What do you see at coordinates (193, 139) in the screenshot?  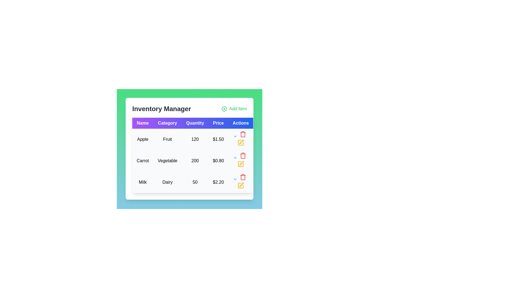 I see `details of the inventory item 'Apple' displayed in the first row of the tabular element containing its category, quantity, and price` at bounding box center [193, 139].